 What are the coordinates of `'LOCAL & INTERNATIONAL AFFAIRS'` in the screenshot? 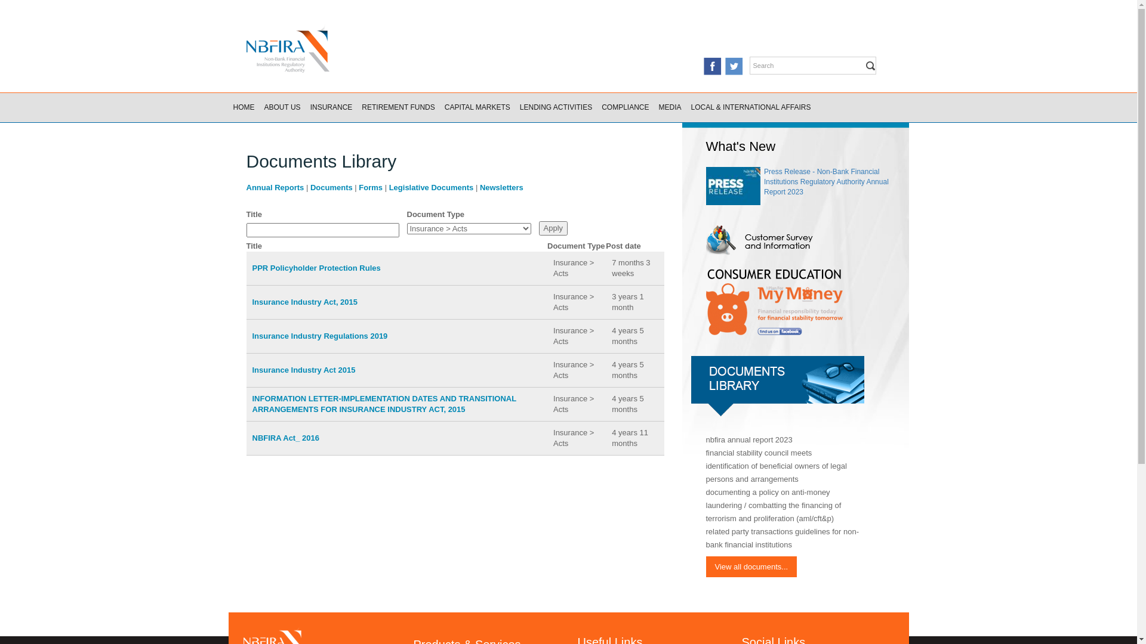 It's located at (750, 107).